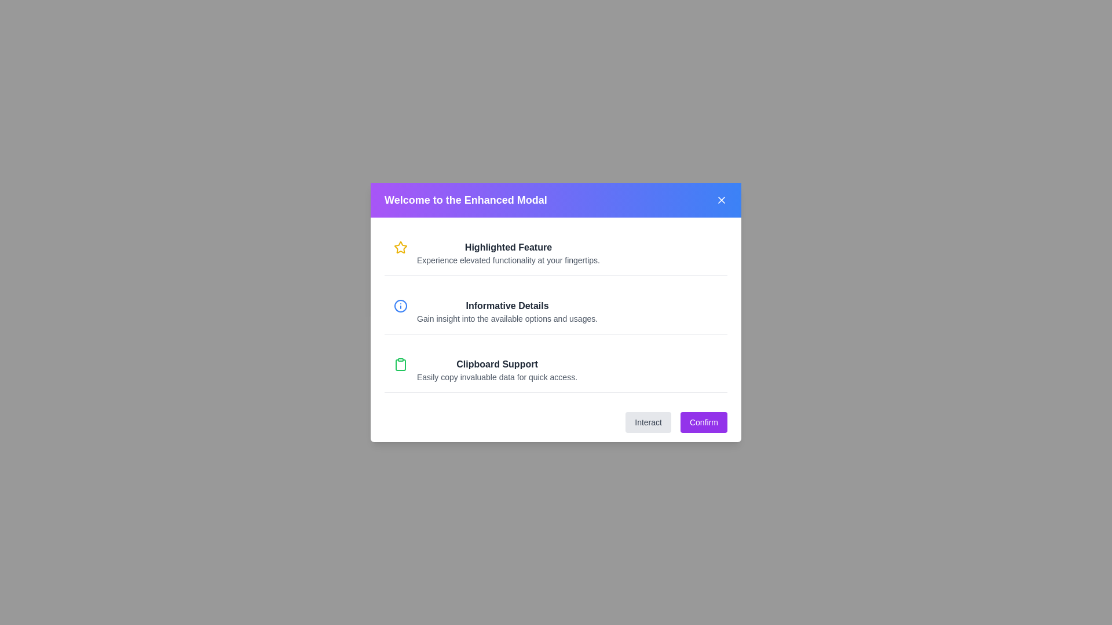 This screenshot has width=1112, height=625. I want to click on the green-bordered clipboard icon located to the left of the text 'Clipboard Support' for visual cues, so click(400, 363).